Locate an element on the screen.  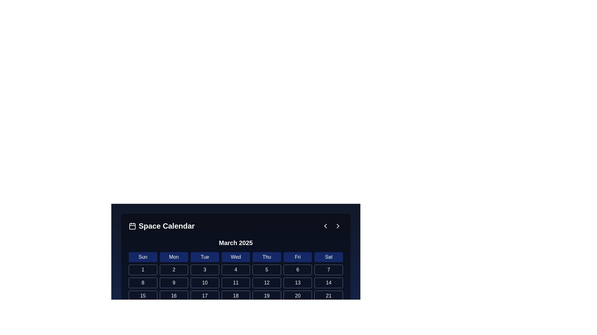
the text label that reads 'Sat', which has a blue background and is located in the seventh column of the topmost row in the calendar grid is located at coordinates (328, 257).